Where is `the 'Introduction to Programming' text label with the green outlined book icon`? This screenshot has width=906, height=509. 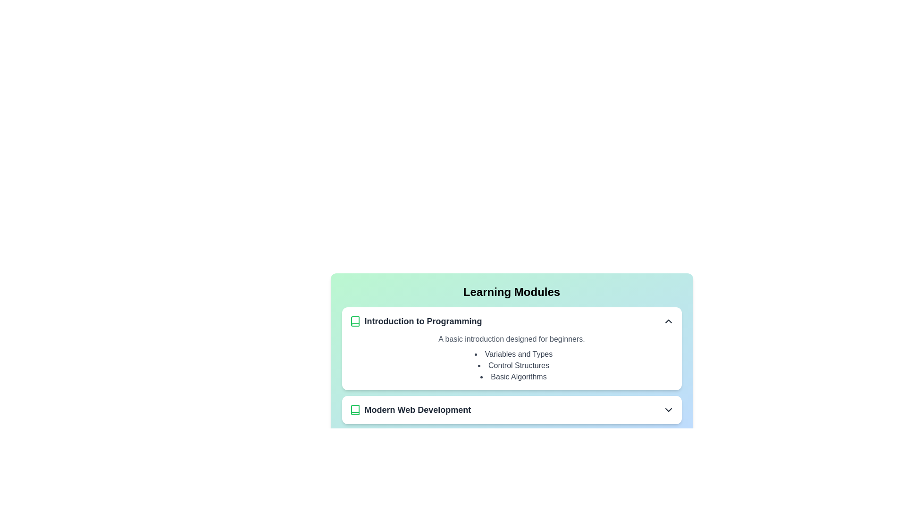 the 'Introduction to Programming' text label with the green outlined book icon is located at coordinates (415, 321).